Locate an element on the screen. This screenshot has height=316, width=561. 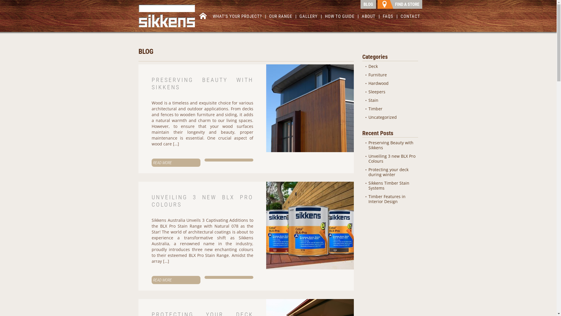
'READ MORE' is located at coordinates (151, 279).